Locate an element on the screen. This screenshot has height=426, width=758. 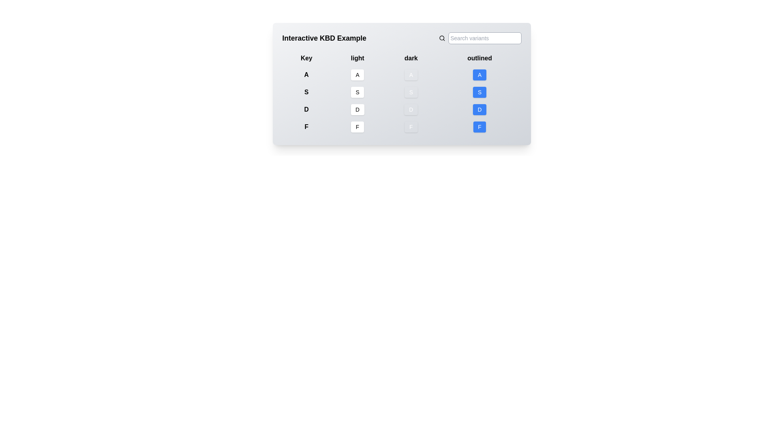
the non-interactive button displaying the letter 'A' with a dark gray background, located in the first row of the 'dark' column is located at coordinates (411, 75).